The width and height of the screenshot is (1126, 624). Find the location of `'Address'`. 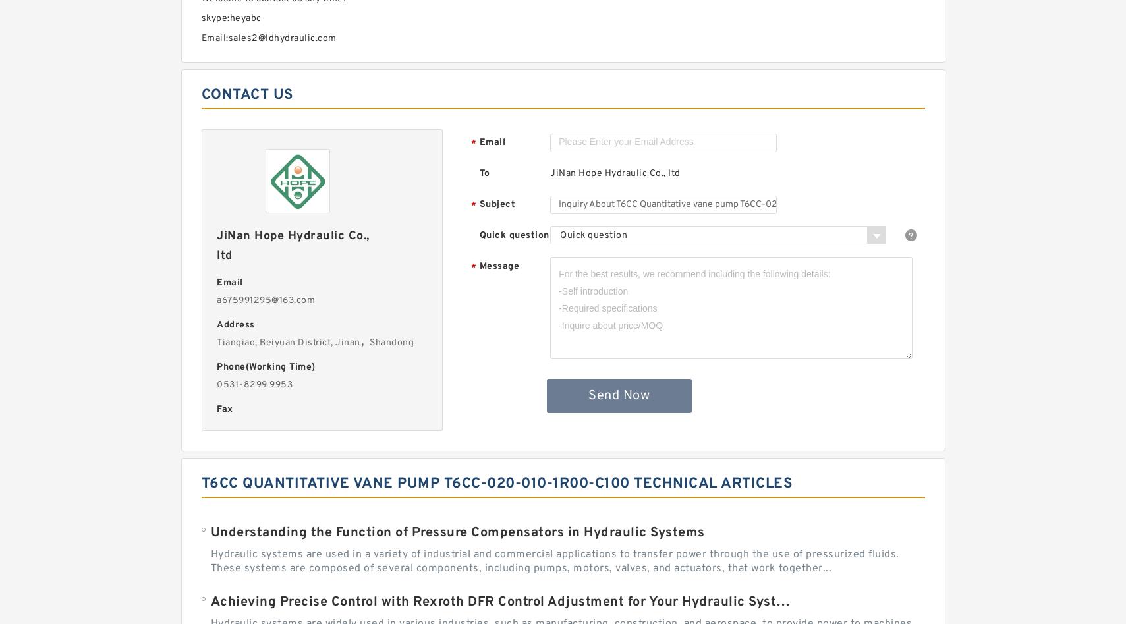

'Address' is located at coordinates (215, 324).